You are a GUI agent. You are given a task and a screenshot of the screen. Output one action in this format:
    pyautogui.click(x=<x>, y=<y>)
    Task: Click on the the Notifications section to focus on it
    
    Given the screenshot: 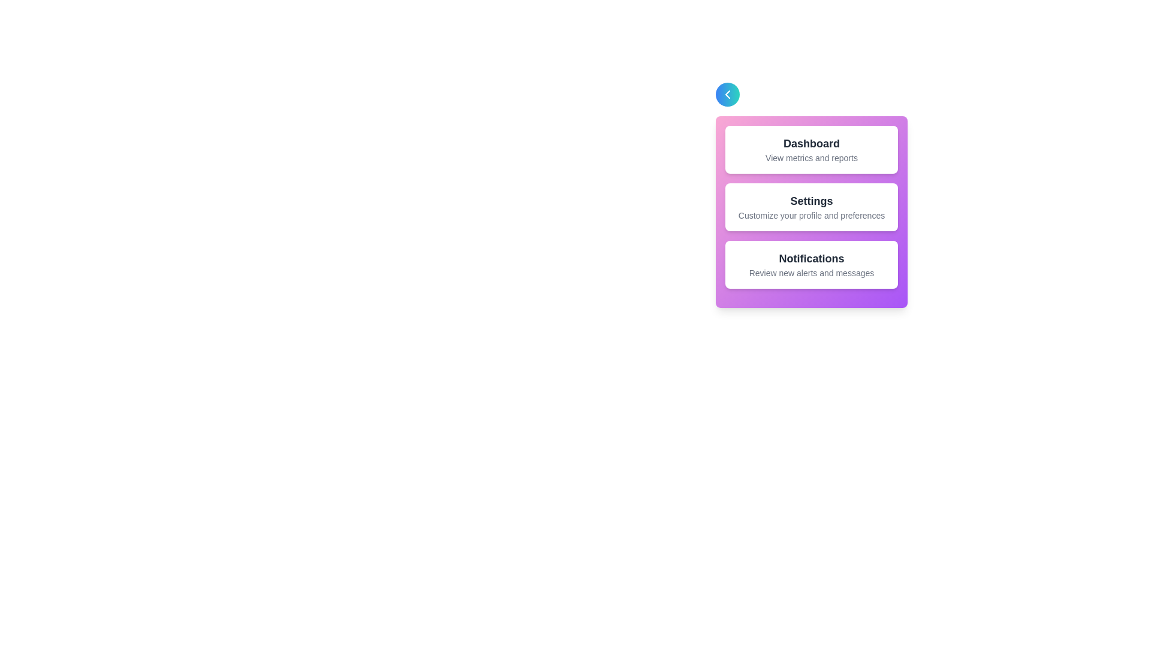 What is the action you would take?
    pyautogui.click(x=811, y=264)
    